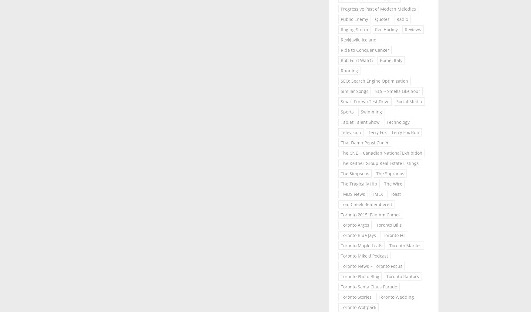 Image resolution: width=531 pixels, height=312 pixels. Describe the element at coordinates (369, 286) in the screenshot. I see `'Toronto Santa Claus Parade'` at that location.